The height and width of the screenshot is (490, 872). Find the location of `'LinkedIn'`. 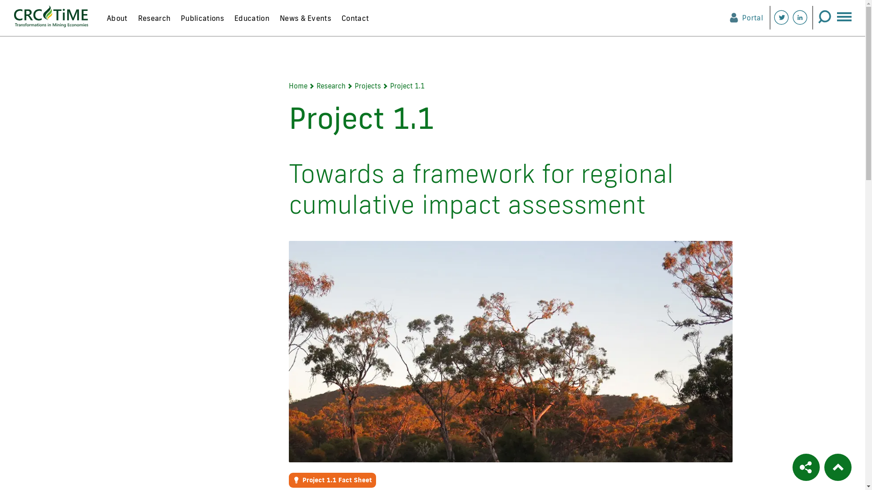

'LinkedIn' is located at coordinates (800, 17).